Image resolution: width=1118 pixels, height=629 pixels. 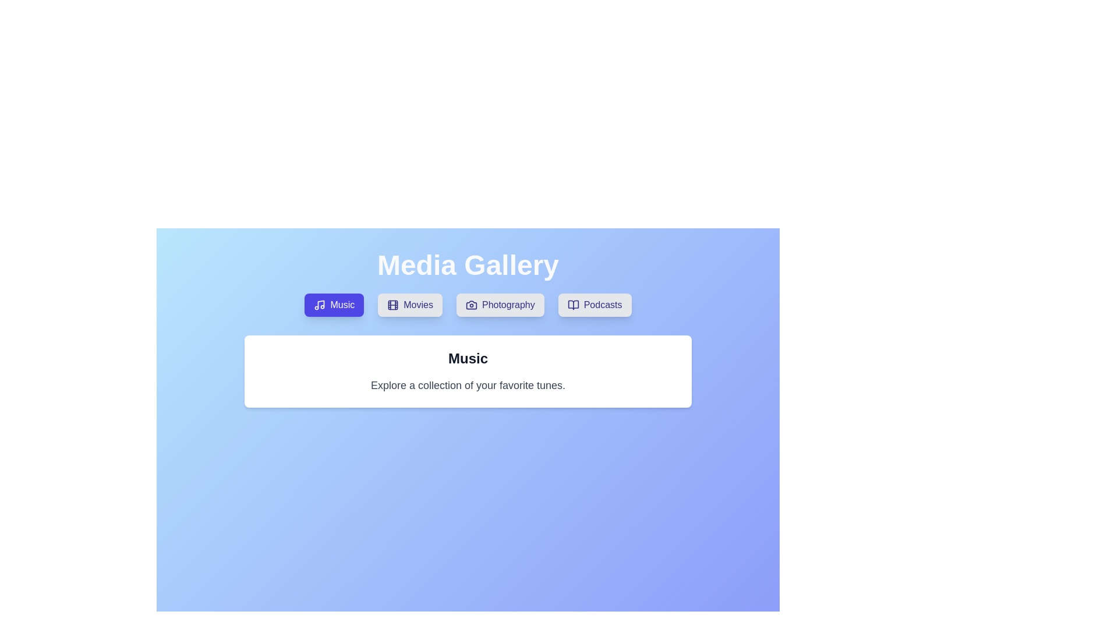 I want to click on the Music tab to observe its hover effect, so click(x=334, y=305).